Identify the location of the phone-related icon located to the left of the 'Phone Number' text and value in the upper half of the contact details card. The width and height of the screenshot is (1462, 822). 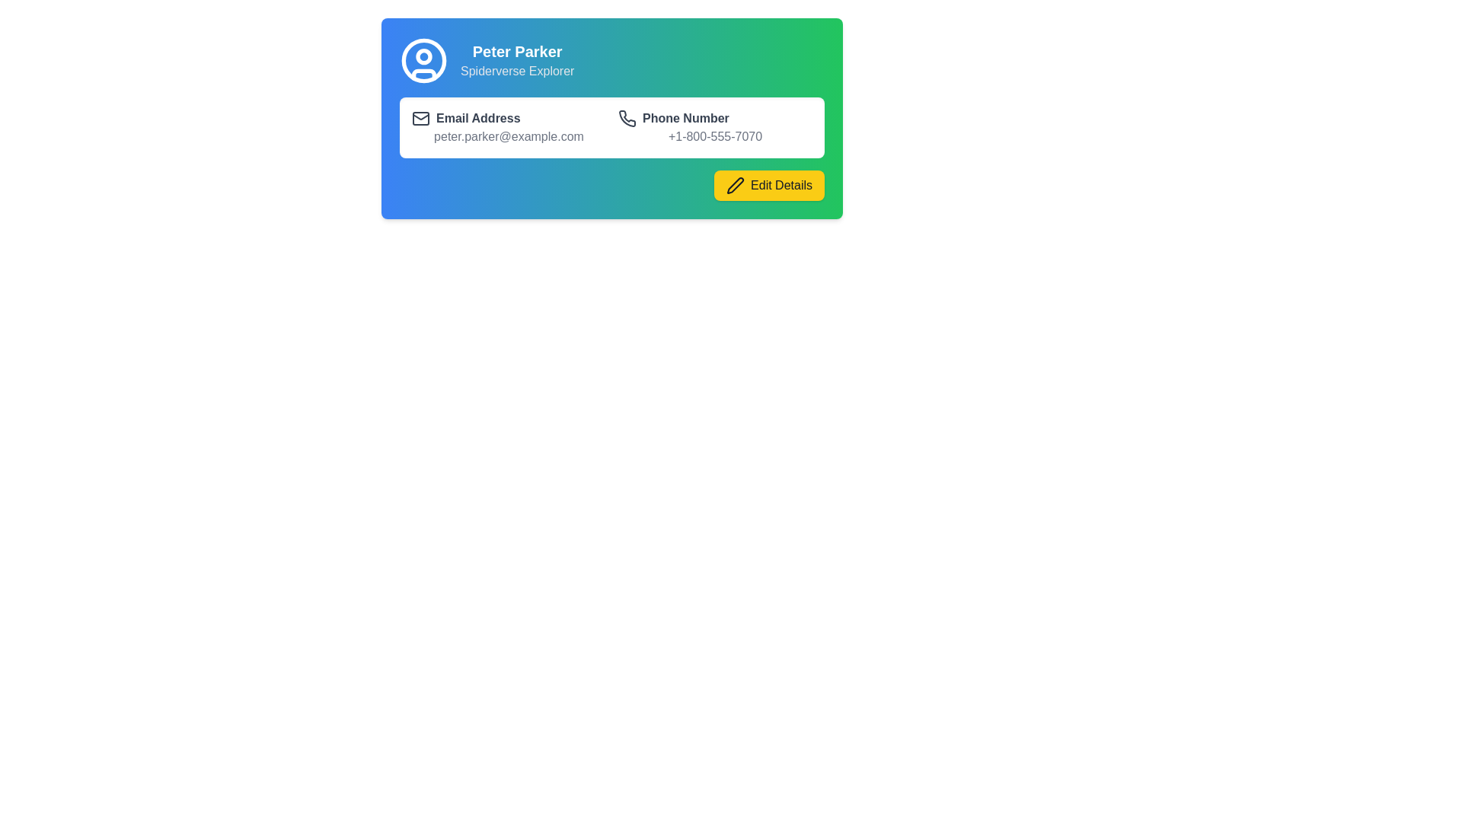
(627, 117).